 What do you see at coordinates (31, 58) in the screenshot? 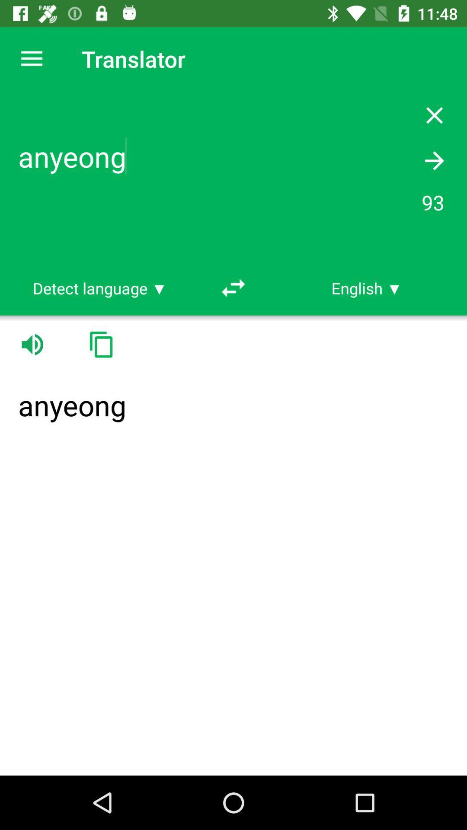
I see `the icon to the left of the translator` at bounding box center [31, 58].